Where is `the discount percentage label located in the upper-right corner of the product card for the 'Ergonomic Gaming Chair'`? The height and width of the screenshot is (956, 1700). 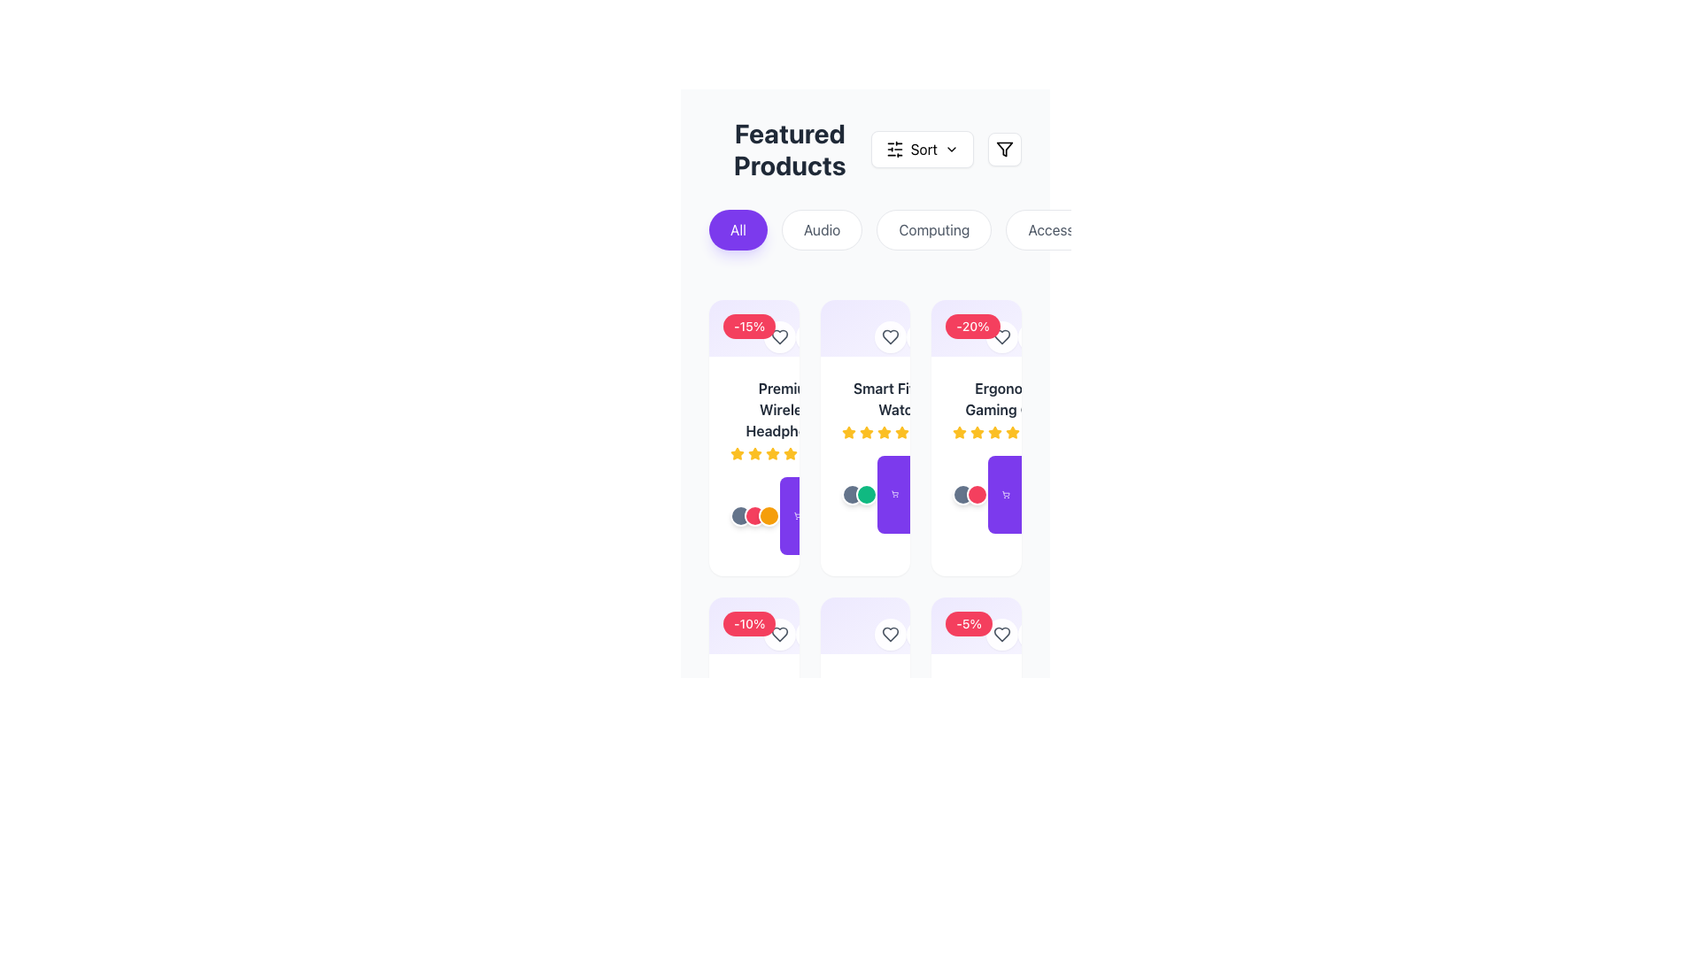 the discount percentage label located in the upper-right corner of the product card for the 'Ergonomic Gaming Chair' is located at coordinates (974, 334).